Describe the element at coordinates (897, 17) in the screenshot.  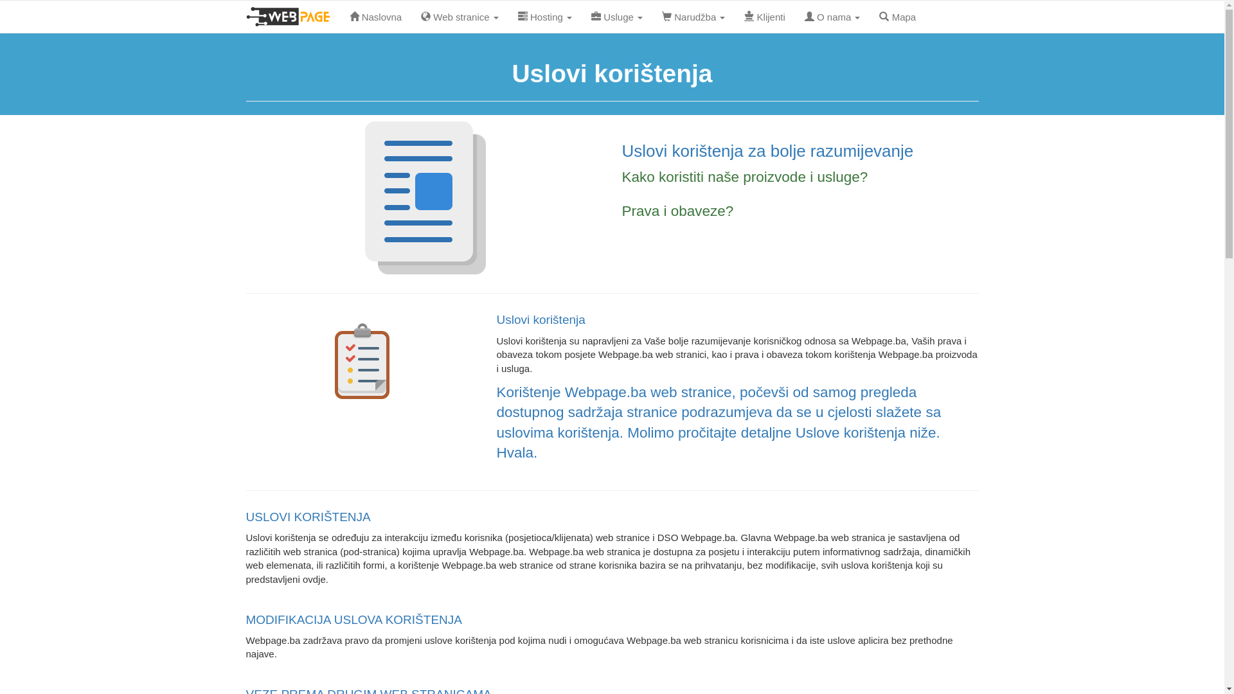
I see `'Mapa'` at that location.